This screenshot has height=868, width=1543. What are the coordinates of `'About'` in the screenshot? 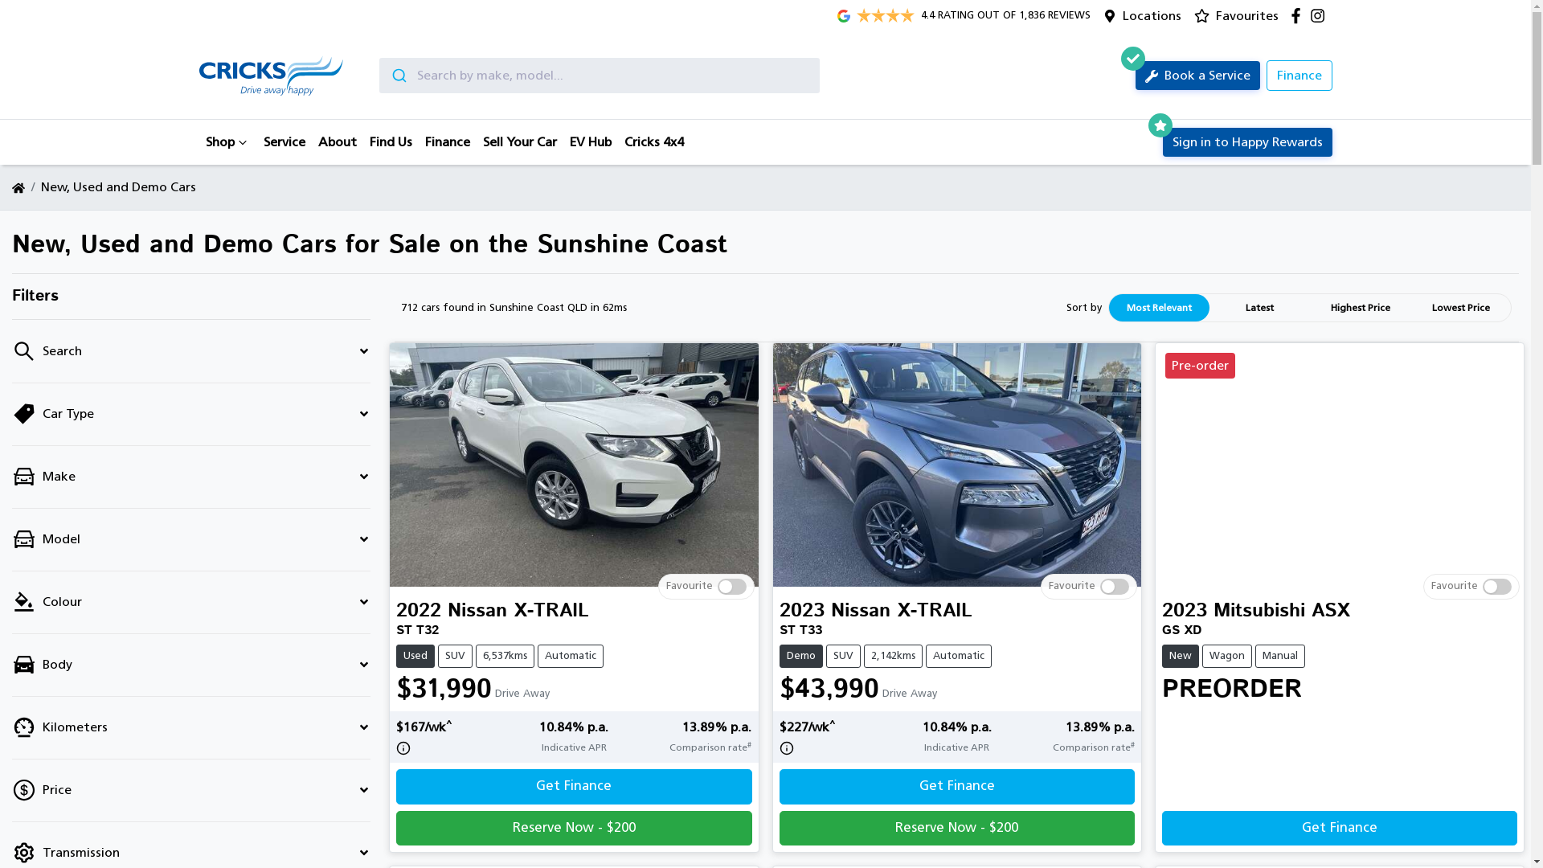 It's located at (337, 141).